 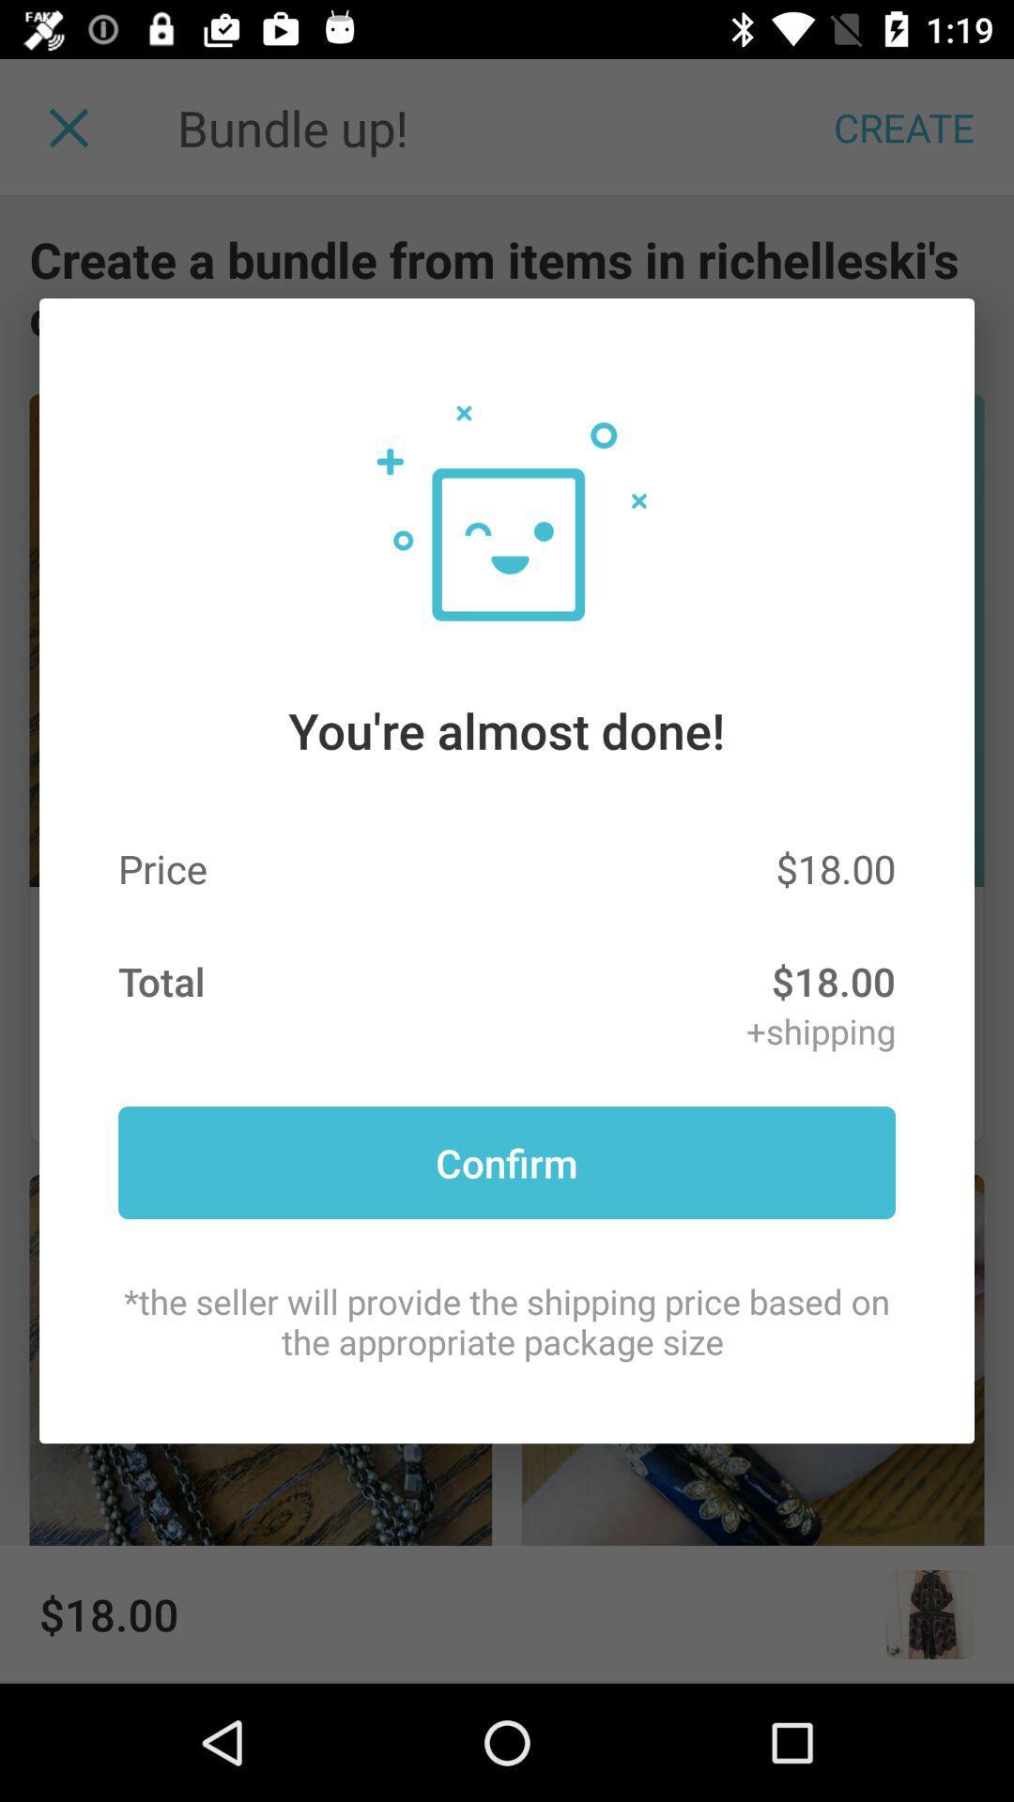 I want to click on the item below +shipping, so click(x=507, y=1161).